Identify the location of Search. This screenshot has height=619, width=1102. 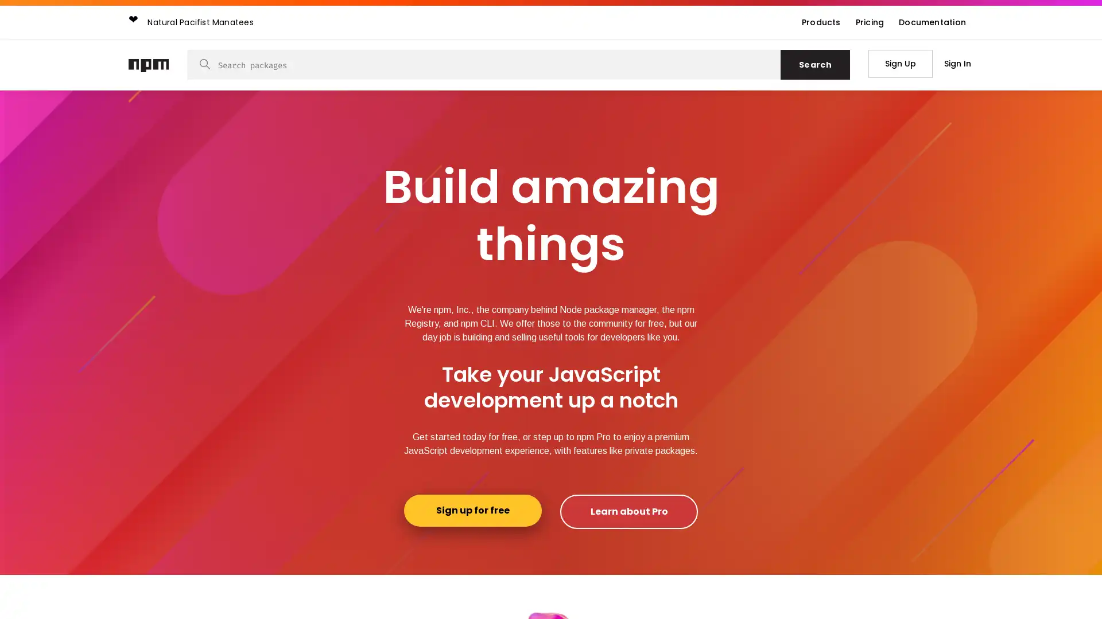
(814, 64).